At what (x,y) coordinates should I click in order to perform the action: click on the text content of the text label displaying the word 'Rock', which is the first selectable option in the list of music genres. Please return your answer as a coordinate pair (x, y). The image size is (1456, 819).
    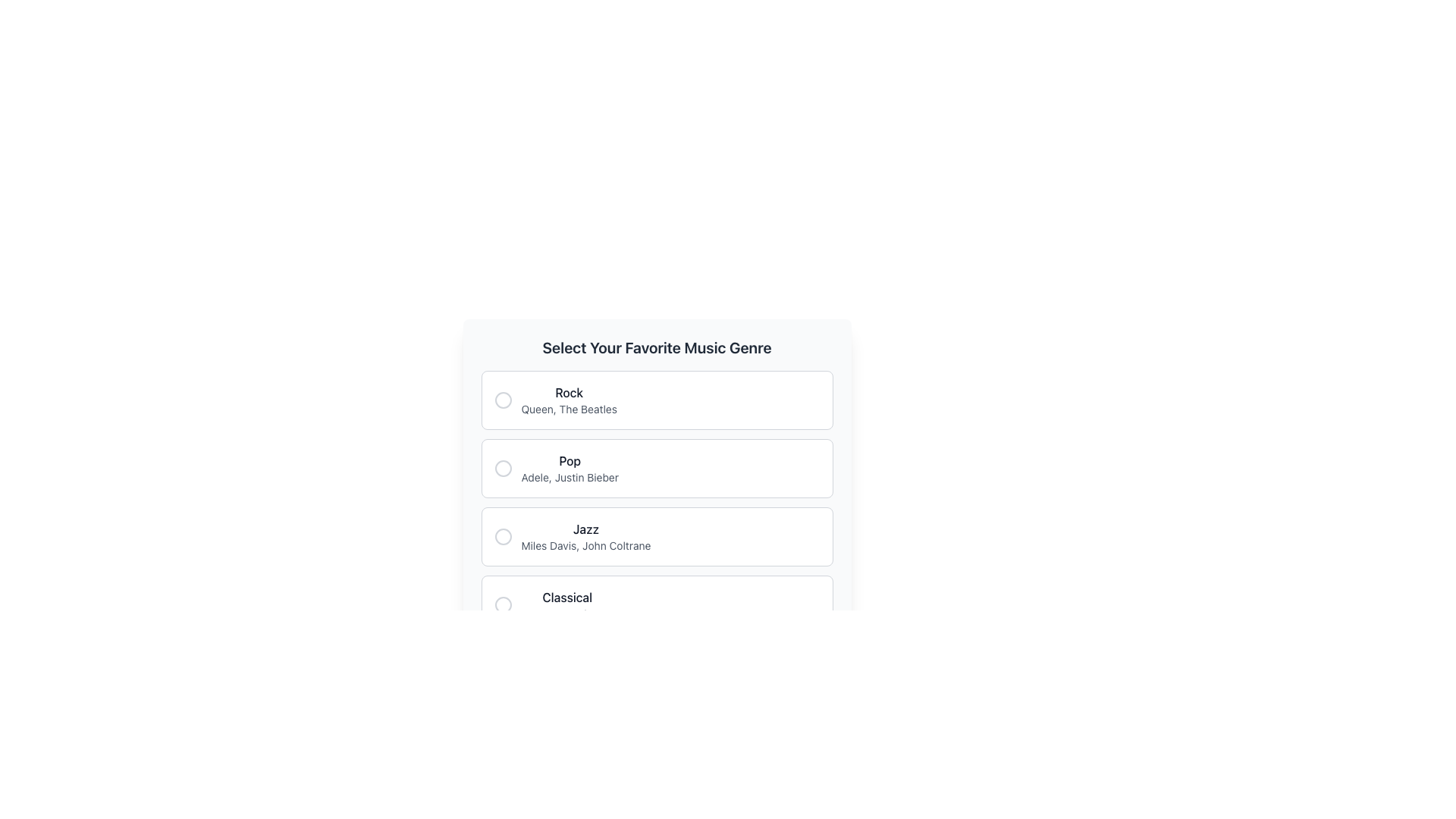
    Looking at the image, I should click on (568, 391).